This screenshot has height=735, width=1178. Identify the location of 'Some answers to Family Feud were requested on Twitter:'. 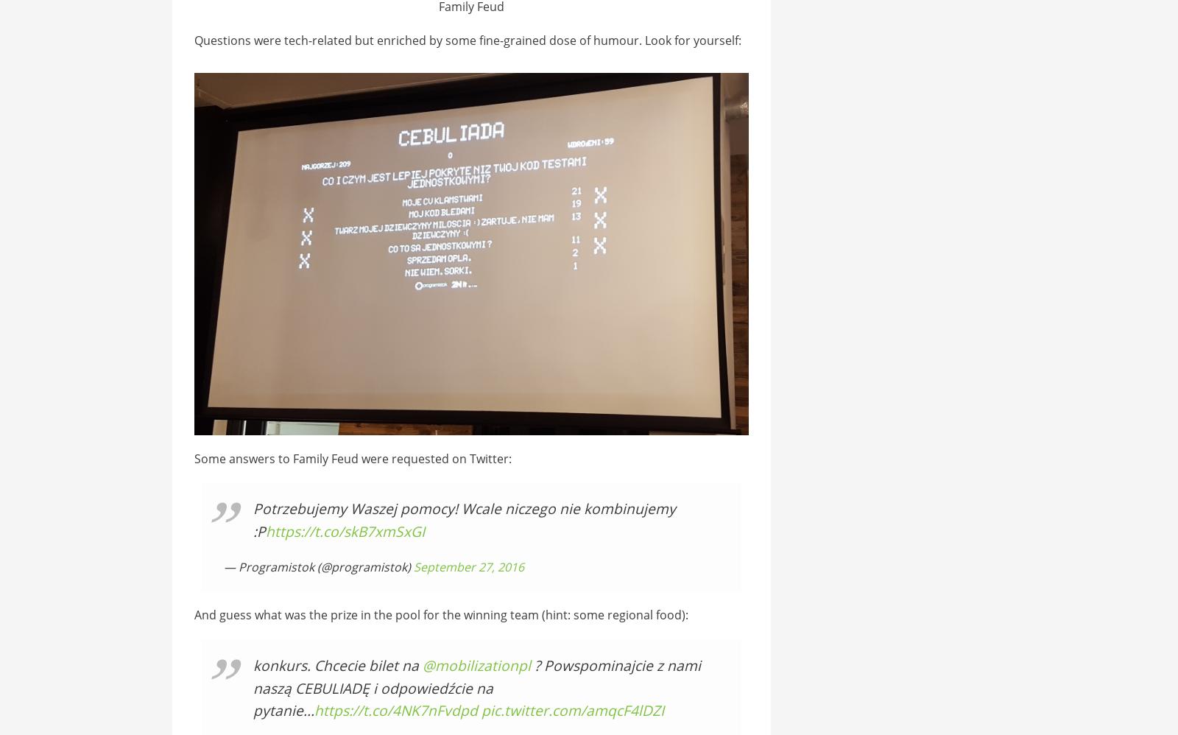
(351, 457).